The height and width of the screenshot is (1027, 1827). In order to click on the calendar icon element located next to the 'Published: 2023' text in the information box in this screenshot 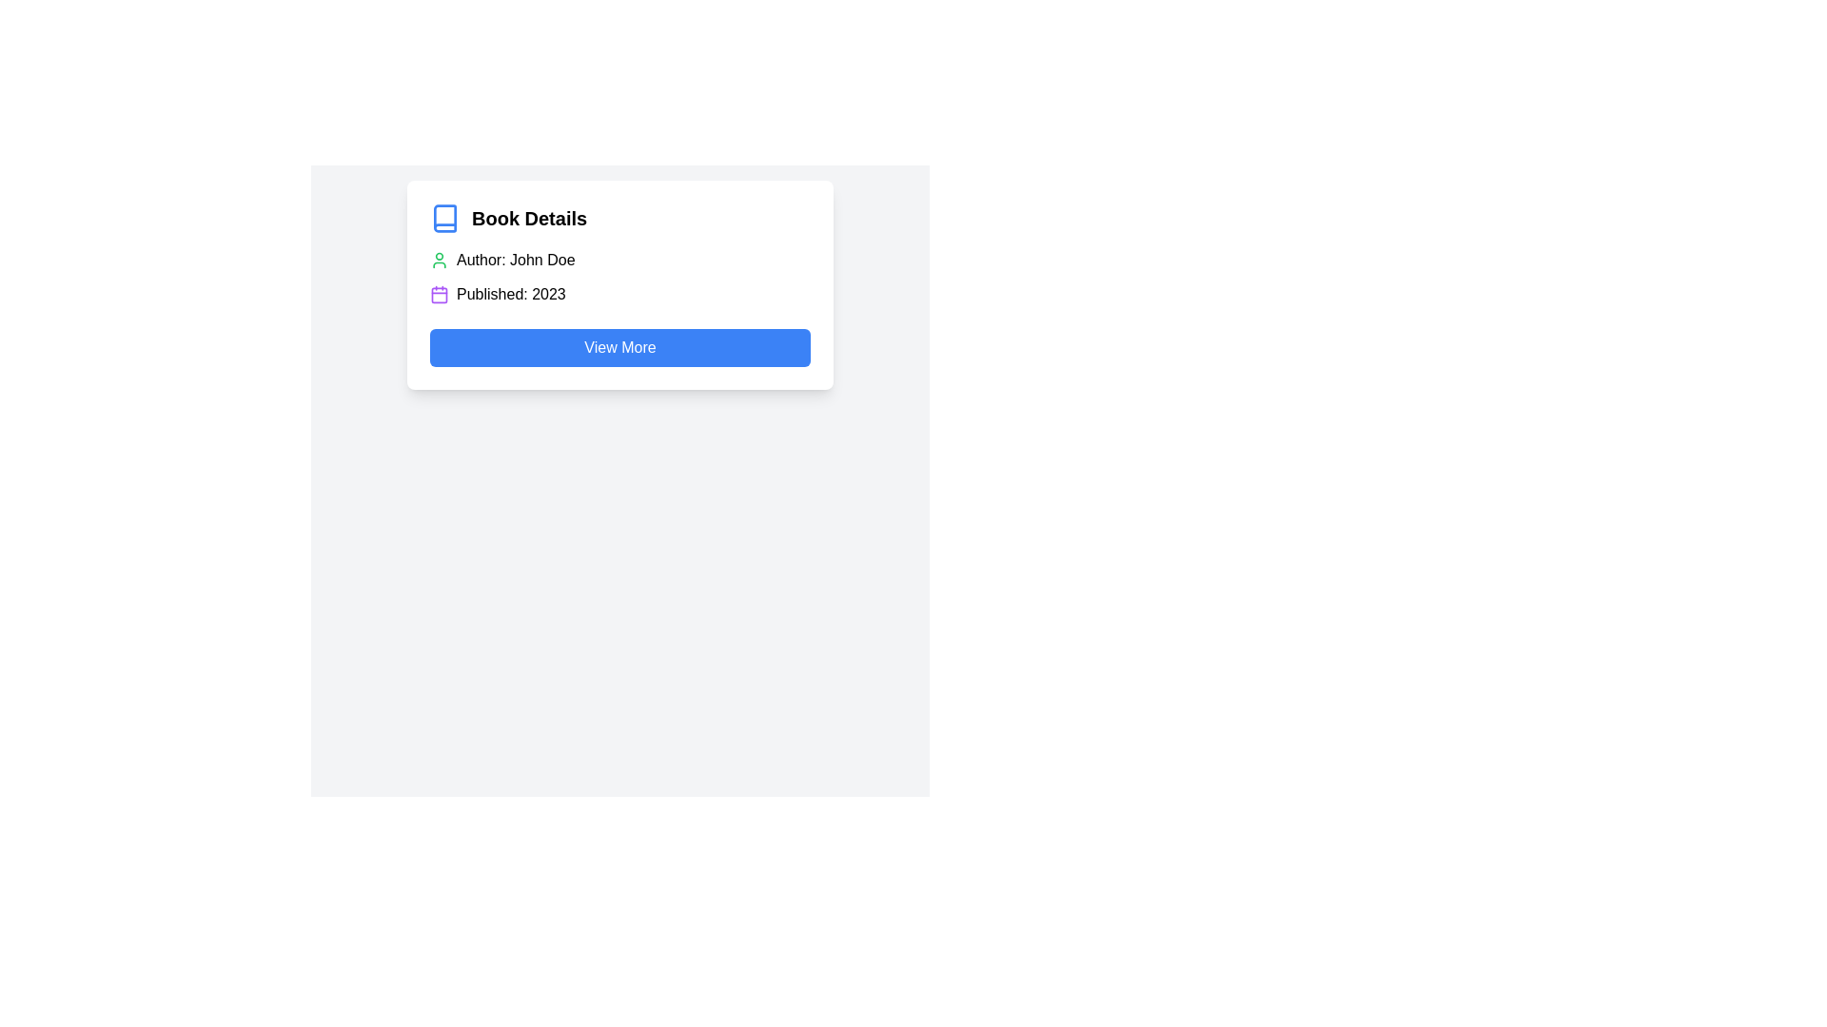, I will do `click(438, 294)`.